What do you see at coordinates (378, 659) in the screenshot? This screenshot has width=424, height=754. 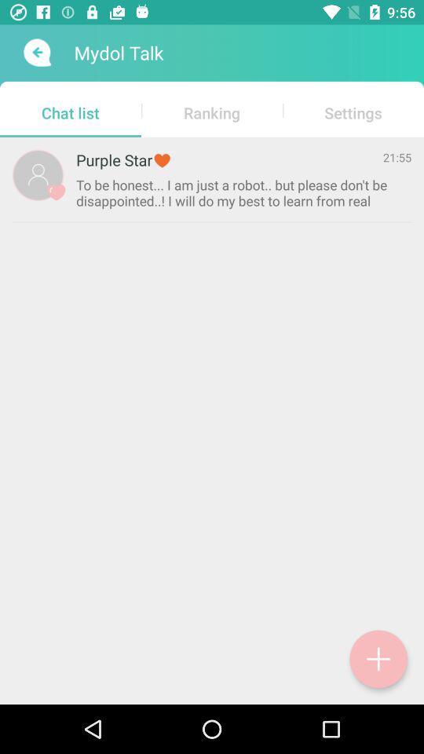 I see `a chat` at bounding box center [378, 659].